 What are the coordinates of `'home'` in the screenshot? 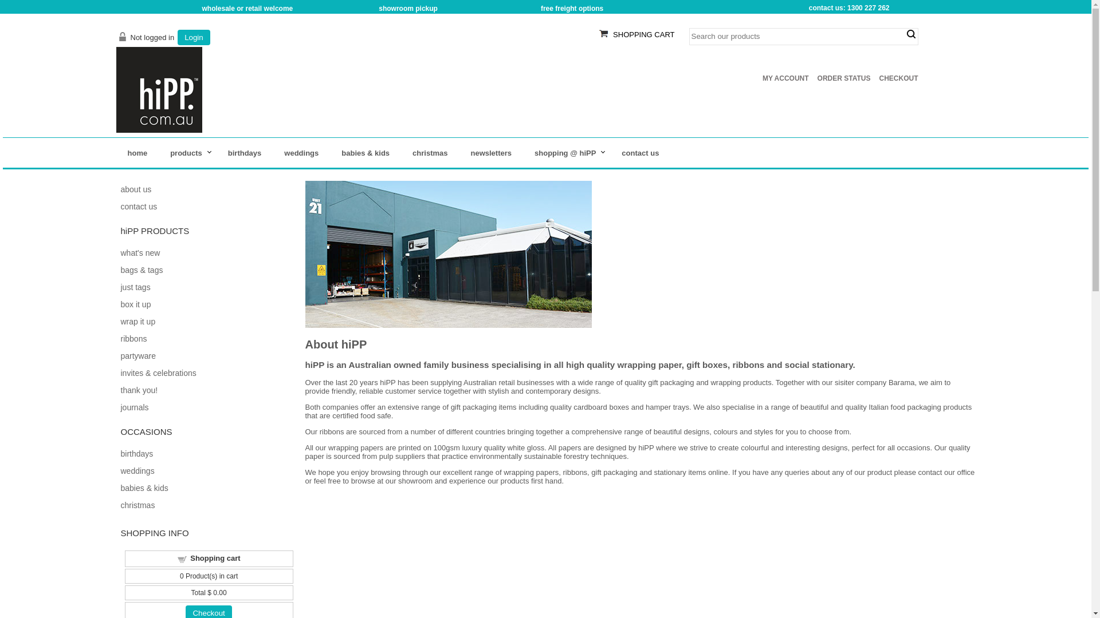 It's located at (115, 152).